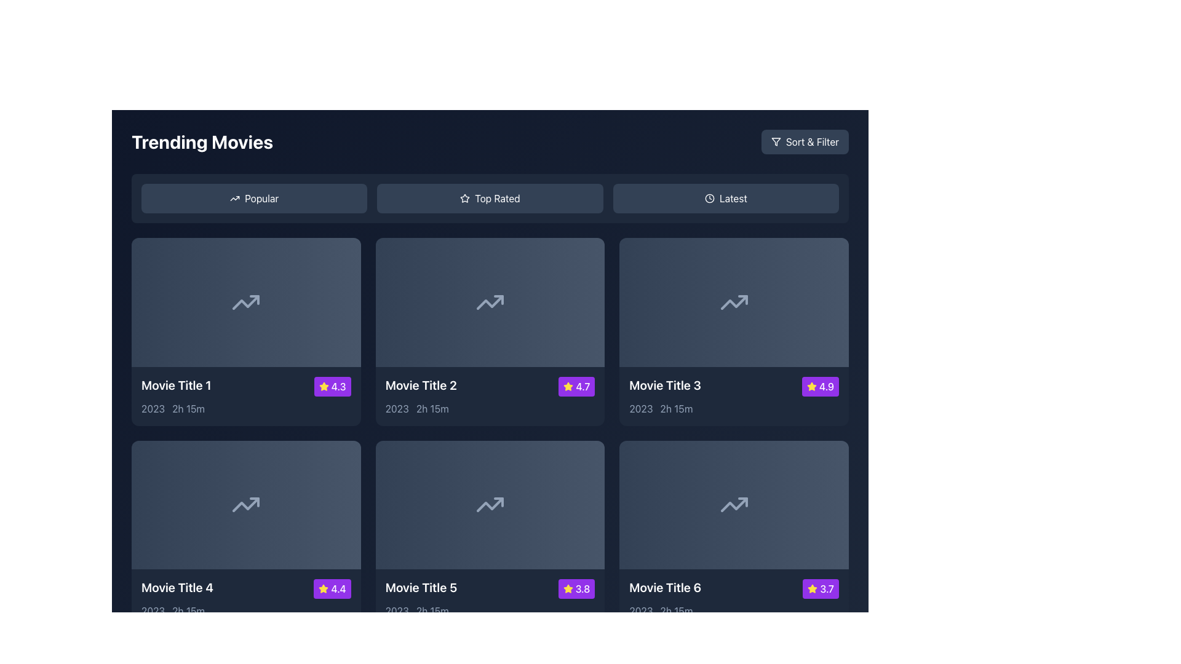  What do you see at coordinates (812, 141) in the screenshot?
I see `the 'Sort & Filter' text label inside the button with a dark slate background` at bounding box center [812, 141].